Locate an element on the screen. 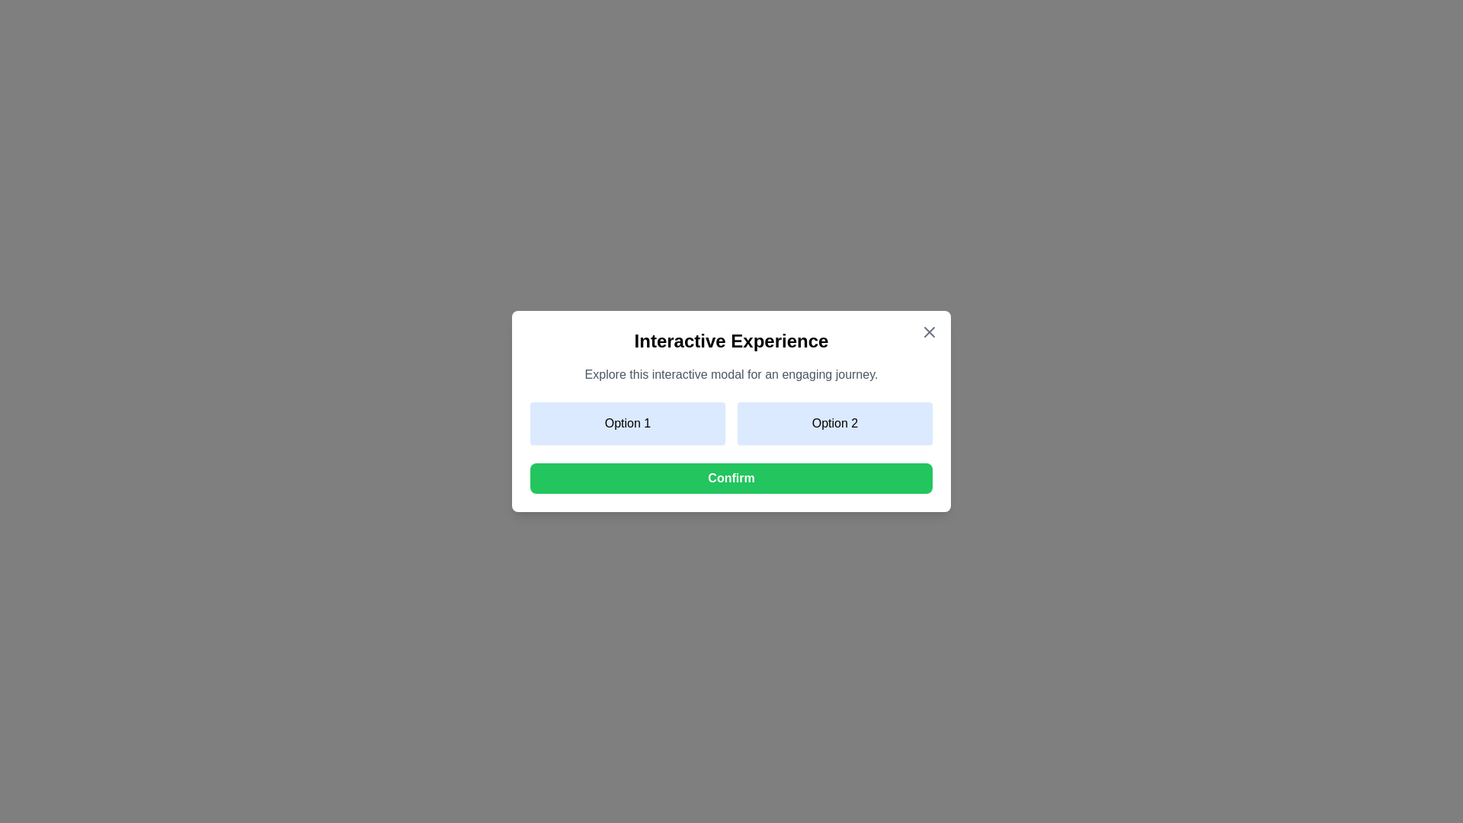 The height and width of the screenshot is (823, 1463). the static text element that provides context or guidance for the interactive modal, located below the heading 'Interactive Experience' and above the buttons 'Option 1' and 'Option 2' is located at coordinates (731, 375).